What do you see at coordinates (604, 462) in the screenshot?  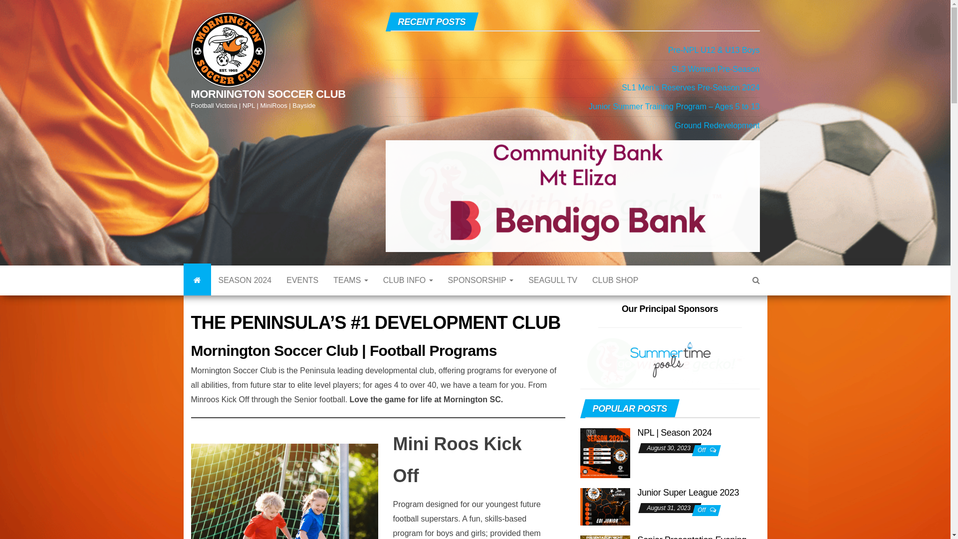 I see `'NPL | Season 2024'` at bounding box center [604, 462].